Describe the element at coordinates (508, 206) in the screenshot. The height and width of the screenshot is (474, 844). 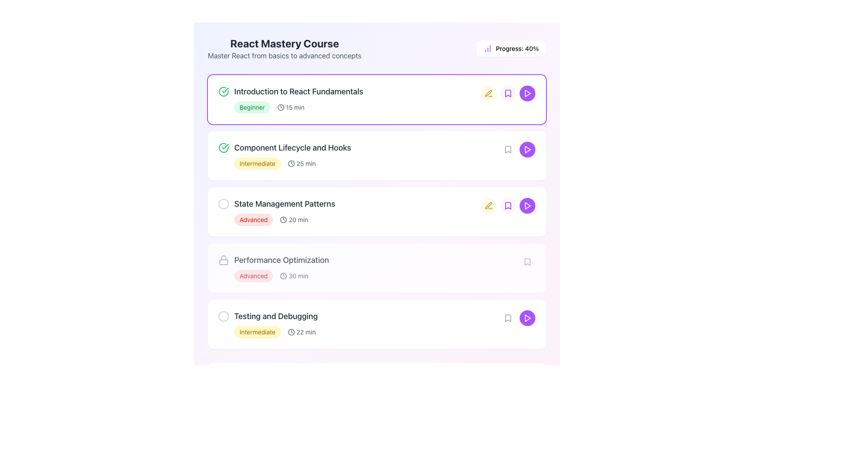
I see `the second button from the right in the horizontal group of three buttons, located to the right of the 'State Management Patterns' title` at that location.